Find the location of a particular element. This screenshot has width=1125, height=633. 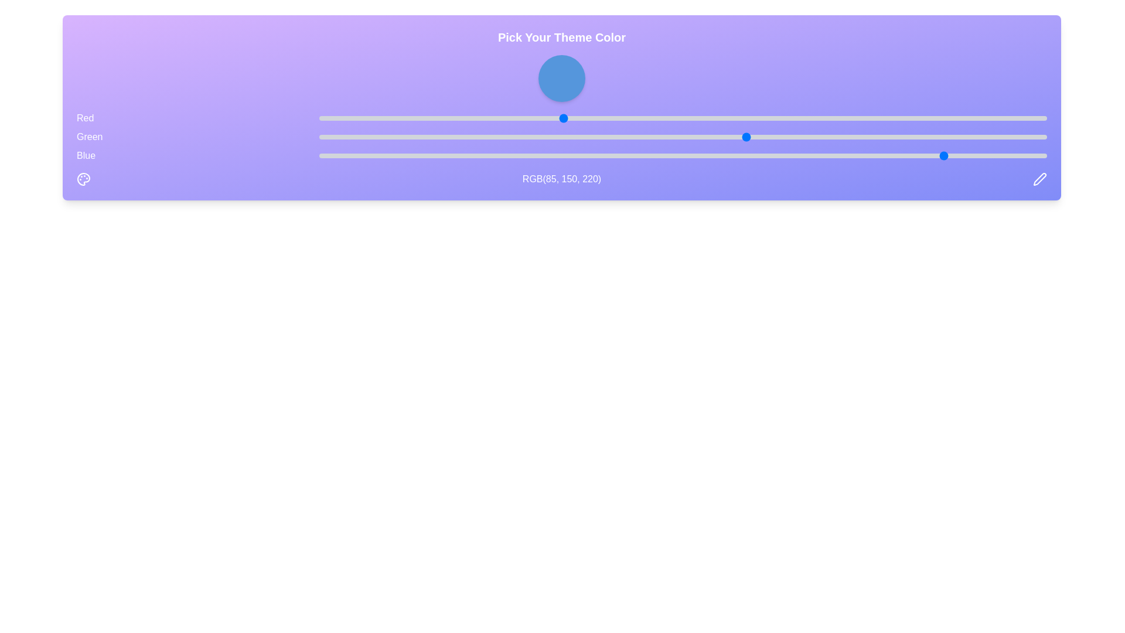

the Blue value is located at coordinates (872, 155).